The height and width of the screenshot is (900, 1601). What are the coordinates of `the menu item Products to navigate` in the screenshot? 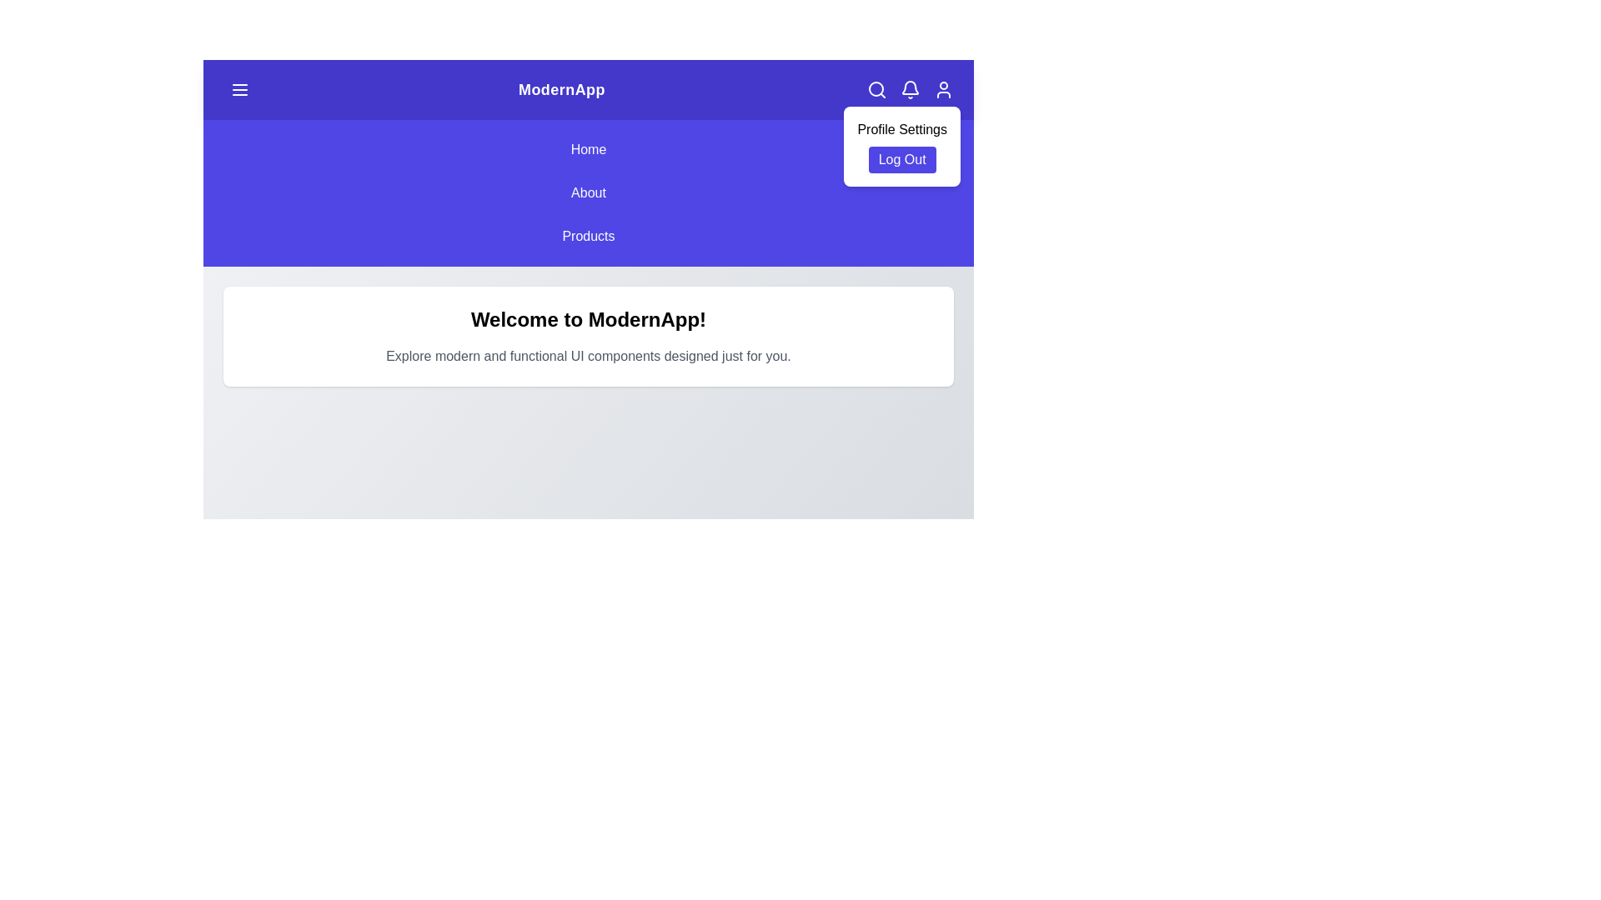 It's located at (588, 237).